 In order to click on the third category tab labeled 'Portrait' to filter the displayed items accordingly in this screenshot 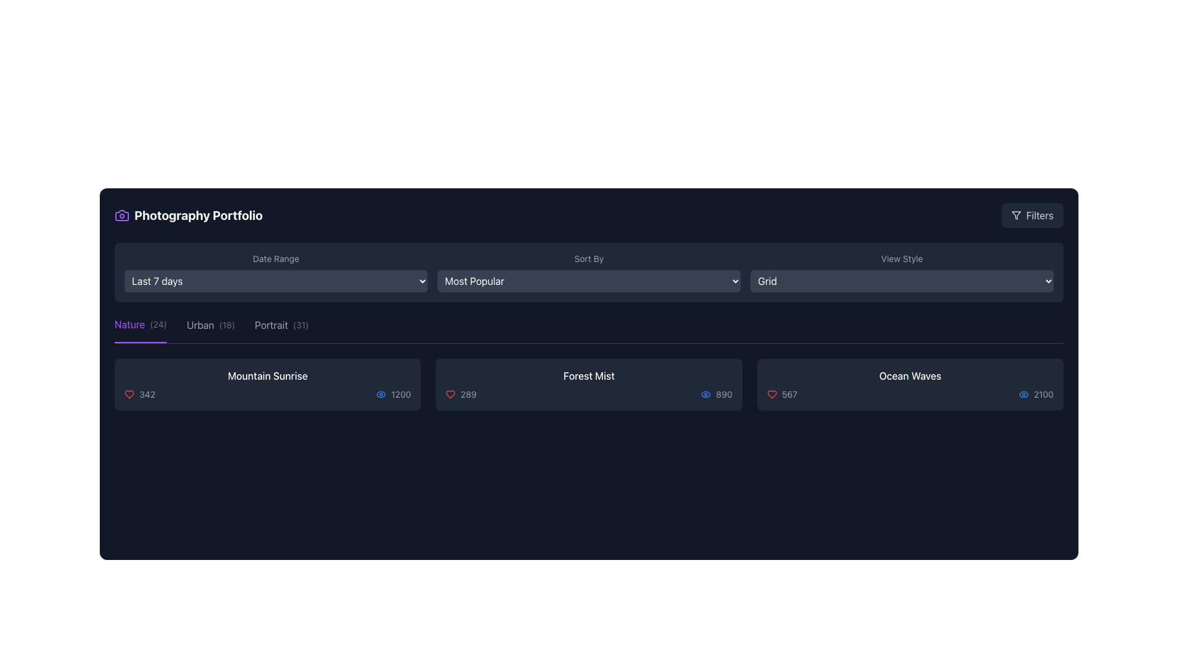, I will do `click(281, 324)`.